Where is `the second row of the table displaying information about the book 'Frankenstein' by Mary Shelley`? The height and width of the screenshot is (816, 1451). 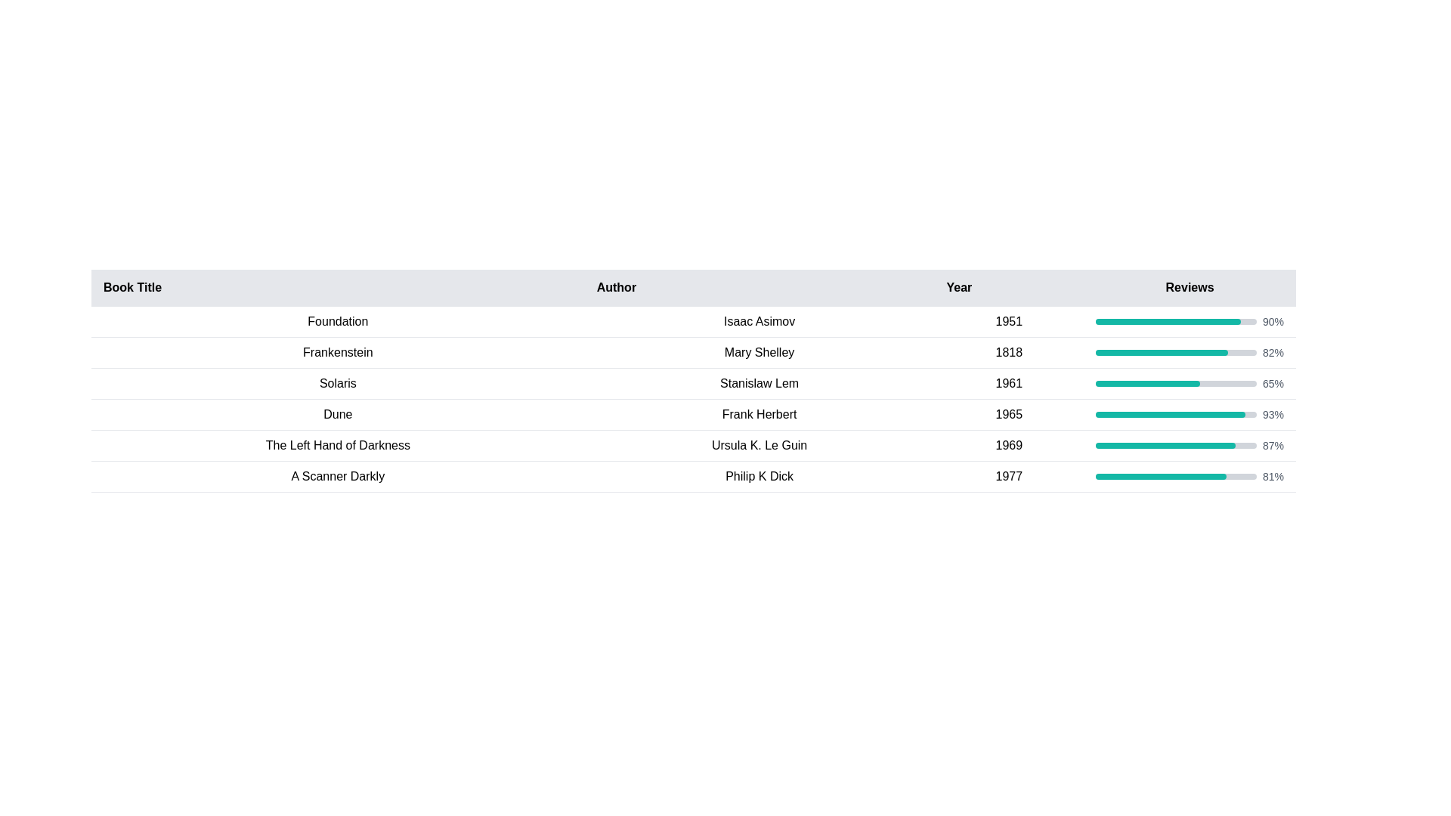
the second row of the table displaying information about the book 'Frankenstein' by Mary Shelley is located at coordinates (692, 352).